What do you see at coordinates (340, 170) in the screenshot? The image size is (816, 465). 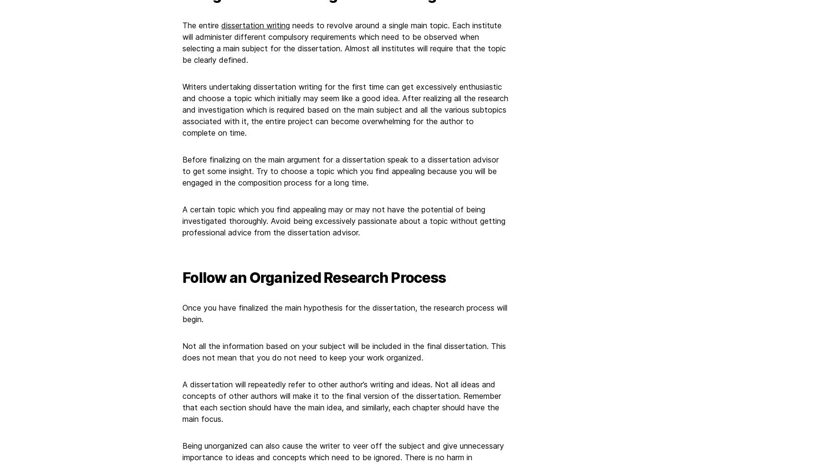 I see `'Before finalizing on the main argument for a dissertation speak to a dissertation advisor to get some insight. Try to choose a topic which you find appealing because you will be engaged in the composition process for a long time.'` at bounding box center [340, 170].